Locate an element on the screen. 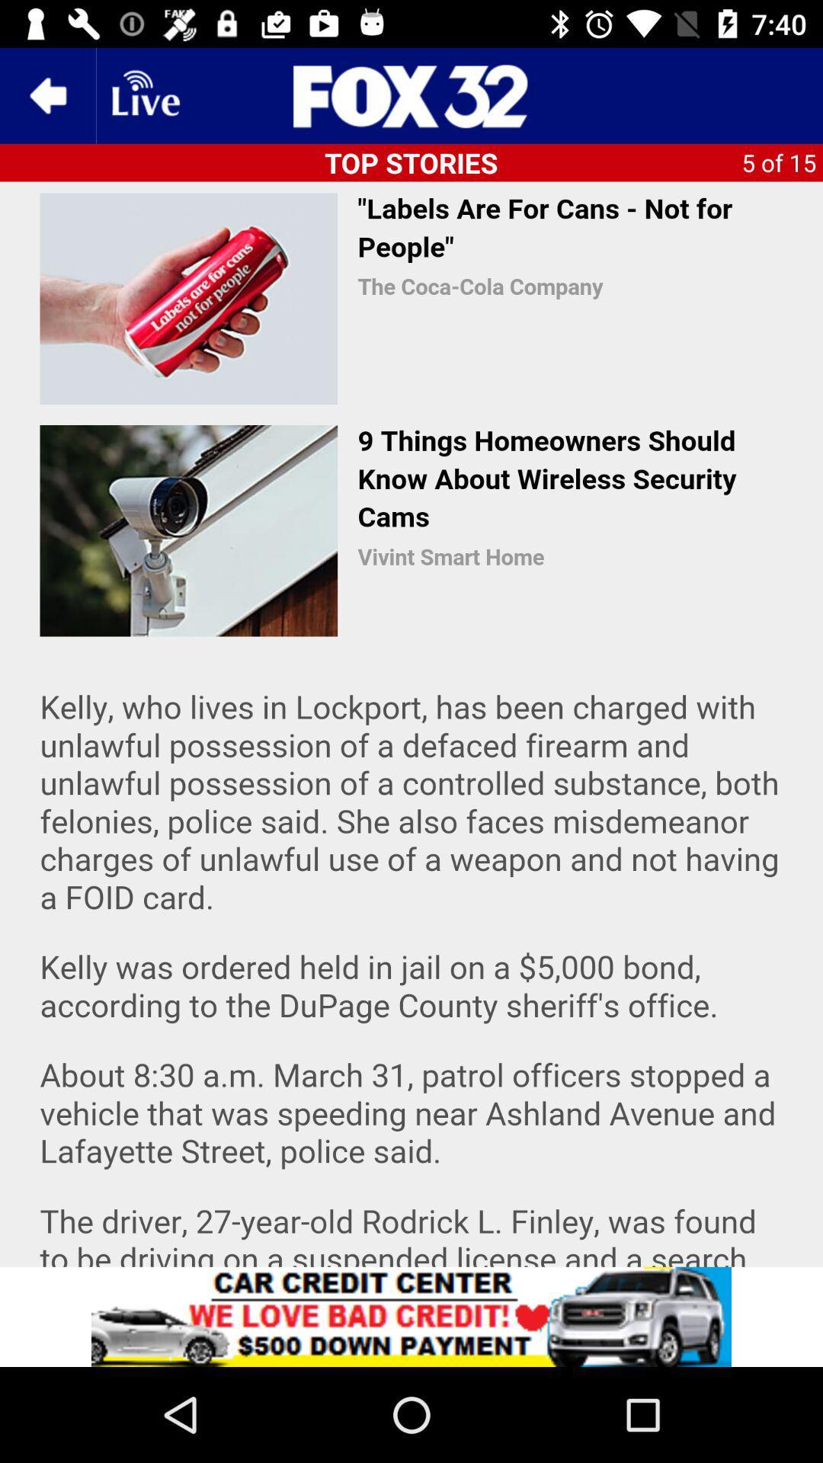  live news is located at coordinates (144, 94).